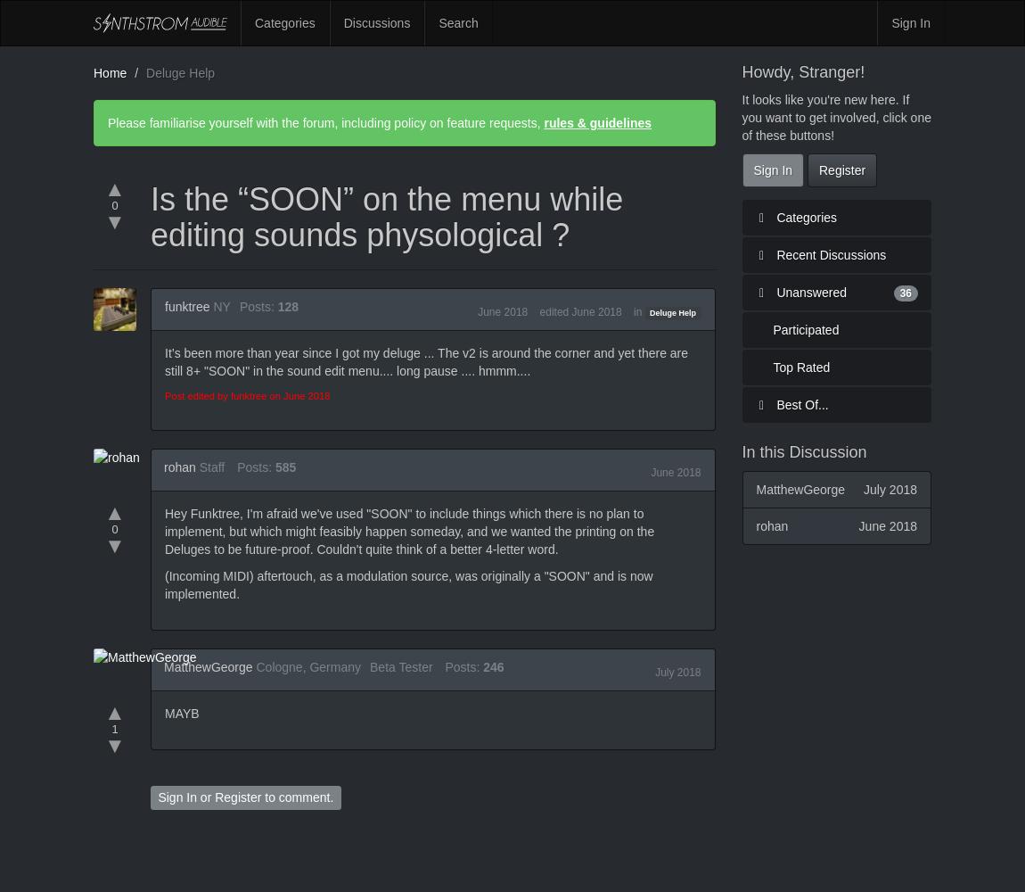  What do you see at coordinates (803, 451) in the screenshot?
I see `'In this Discussion'` at bounding box center [803, 451].